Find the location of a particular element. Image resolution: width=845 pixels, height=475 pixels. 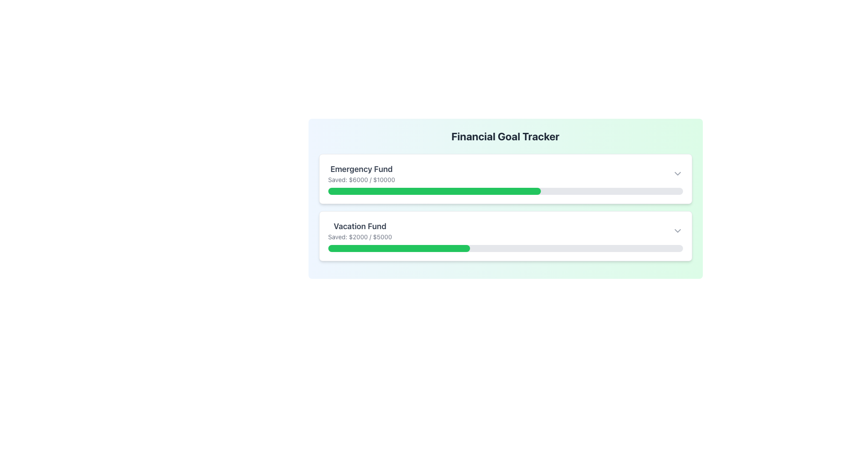

the 'Emergency Fund' text label, which is a bold, dark gray text located at the top left corner of its card-like component is located at coordinates (361, 169).